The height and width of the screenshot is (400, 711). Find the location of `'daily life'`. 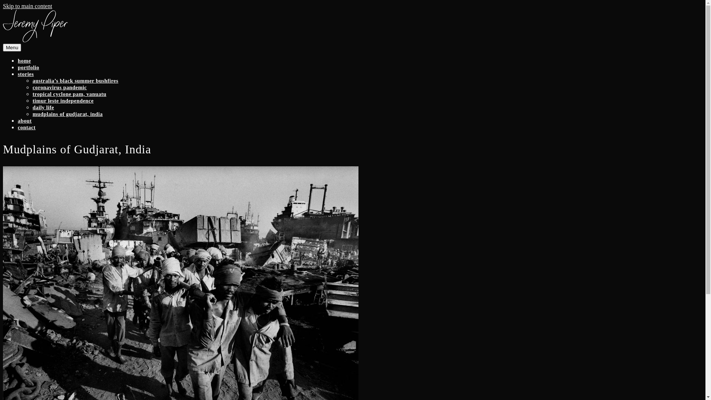

'daily life' is located at coordinates (43, 107).